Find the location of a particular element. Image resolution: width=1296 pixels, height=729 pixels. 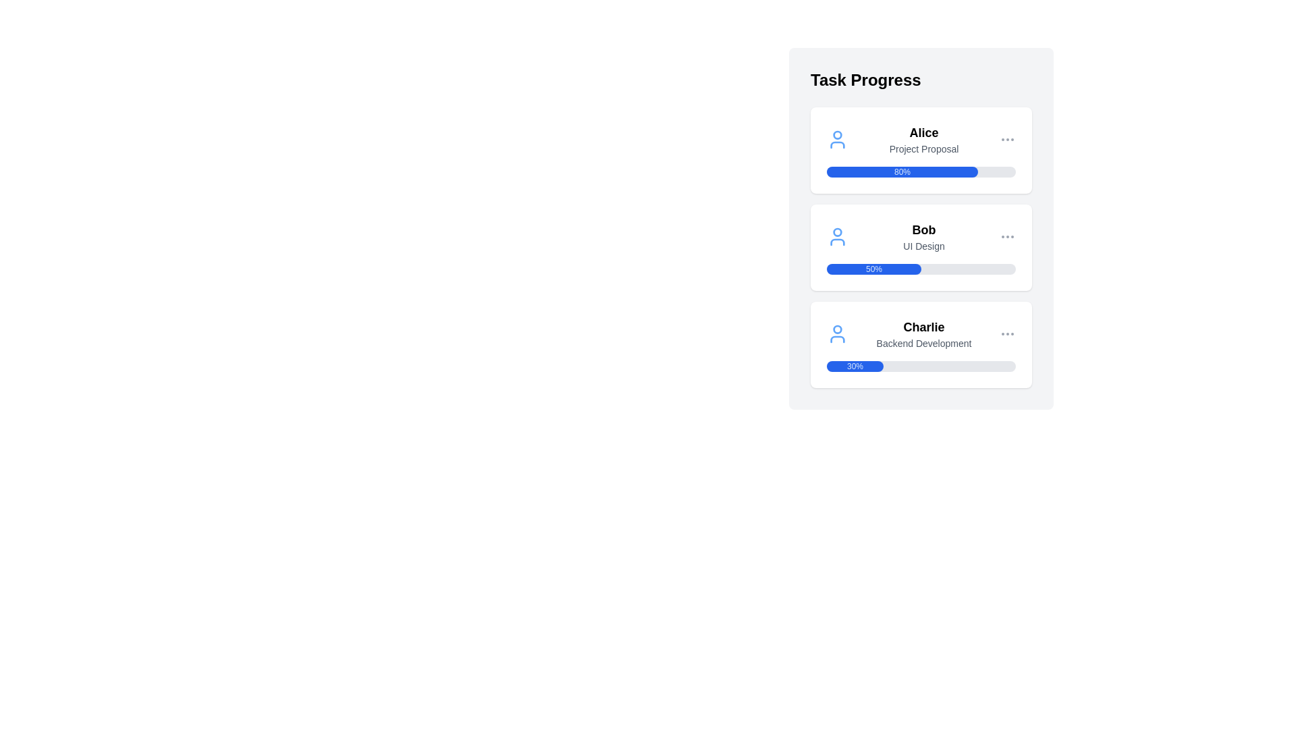

the top-most list item in the task progress list, which includes a blue user profile icon on the left, bold text 'Alice' in the center, and a grey ellipsis icon on the right is located at coordinates (920, 140).